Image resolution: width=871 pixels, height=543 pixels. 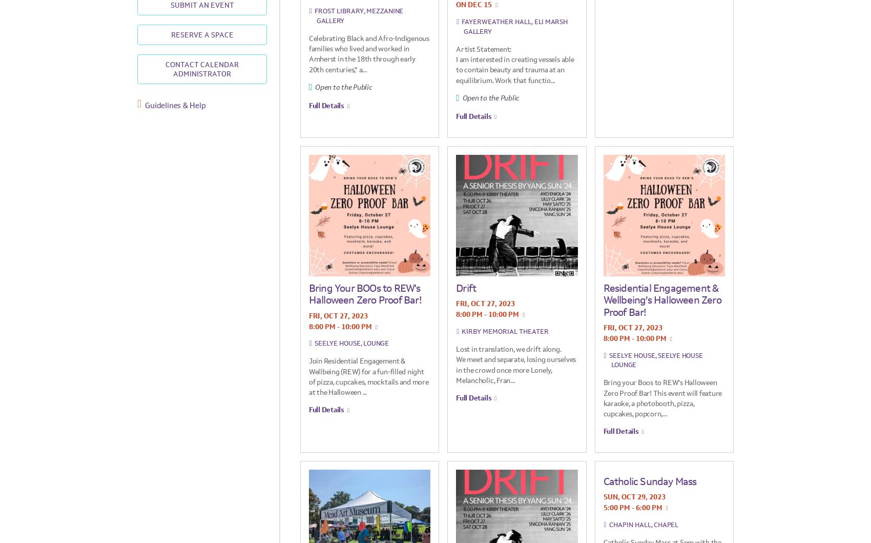 What do you see at coordinates (656, 360) in the screenshot?
I see `', Seelye House Lounge'` at bounding box center [656, 360].